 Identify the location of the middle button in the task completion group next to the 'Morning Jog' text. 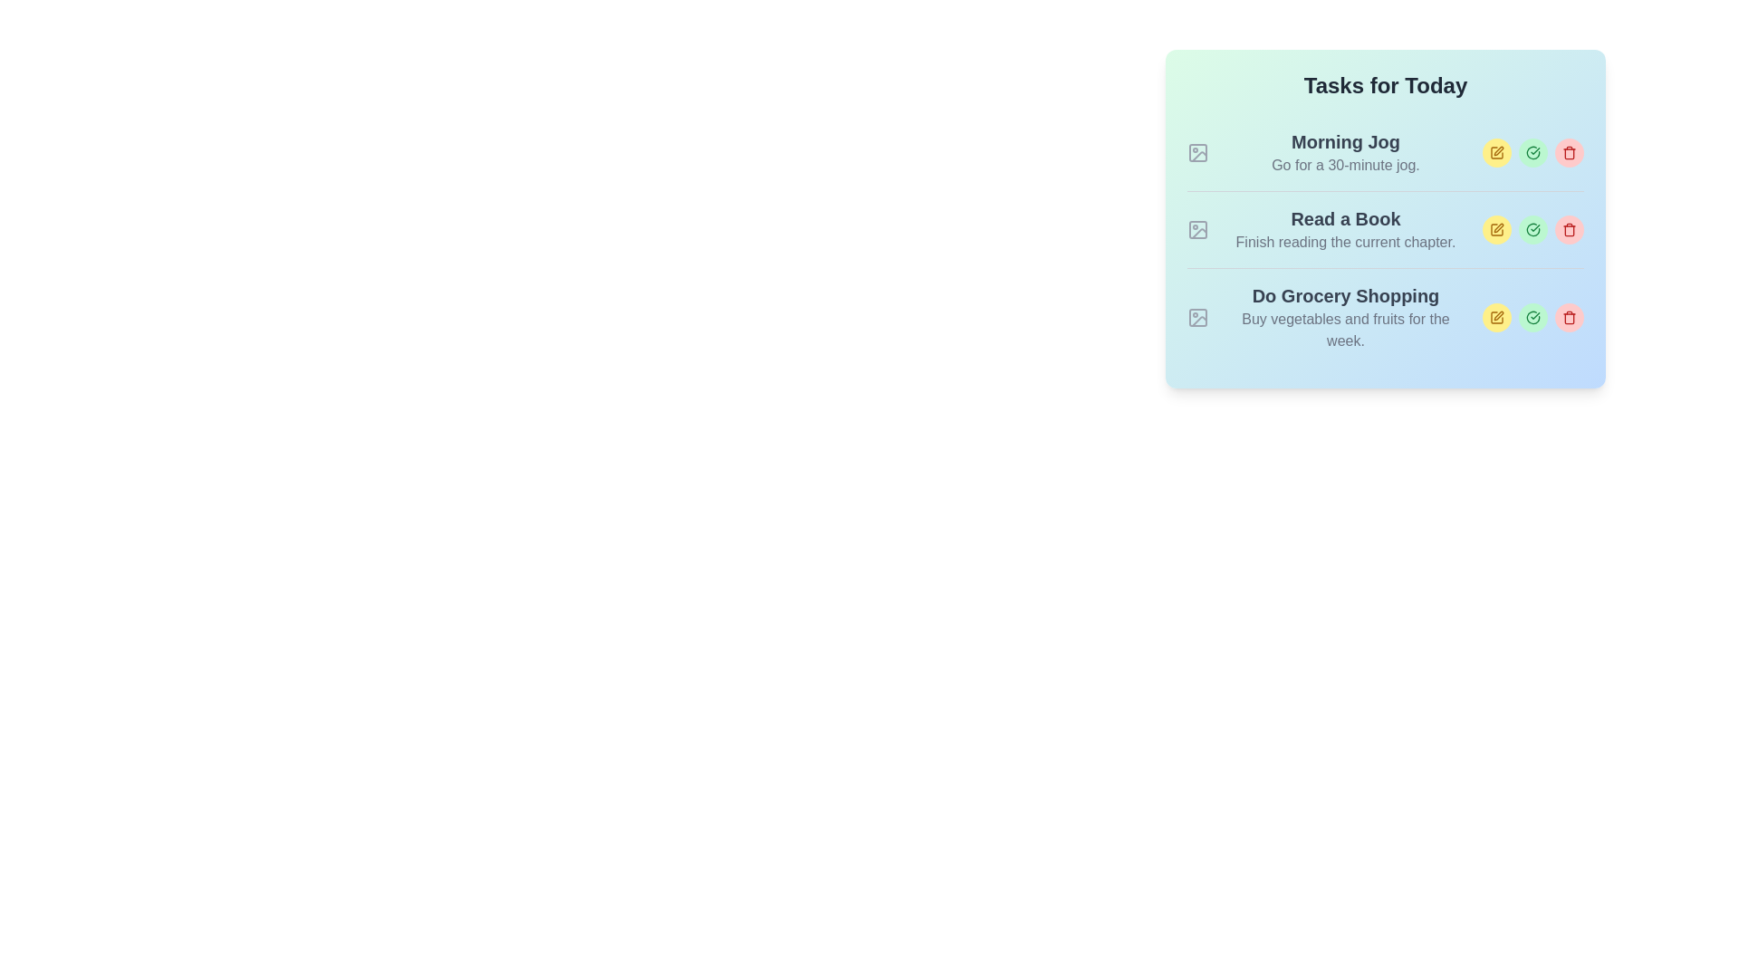
(1532, 152).